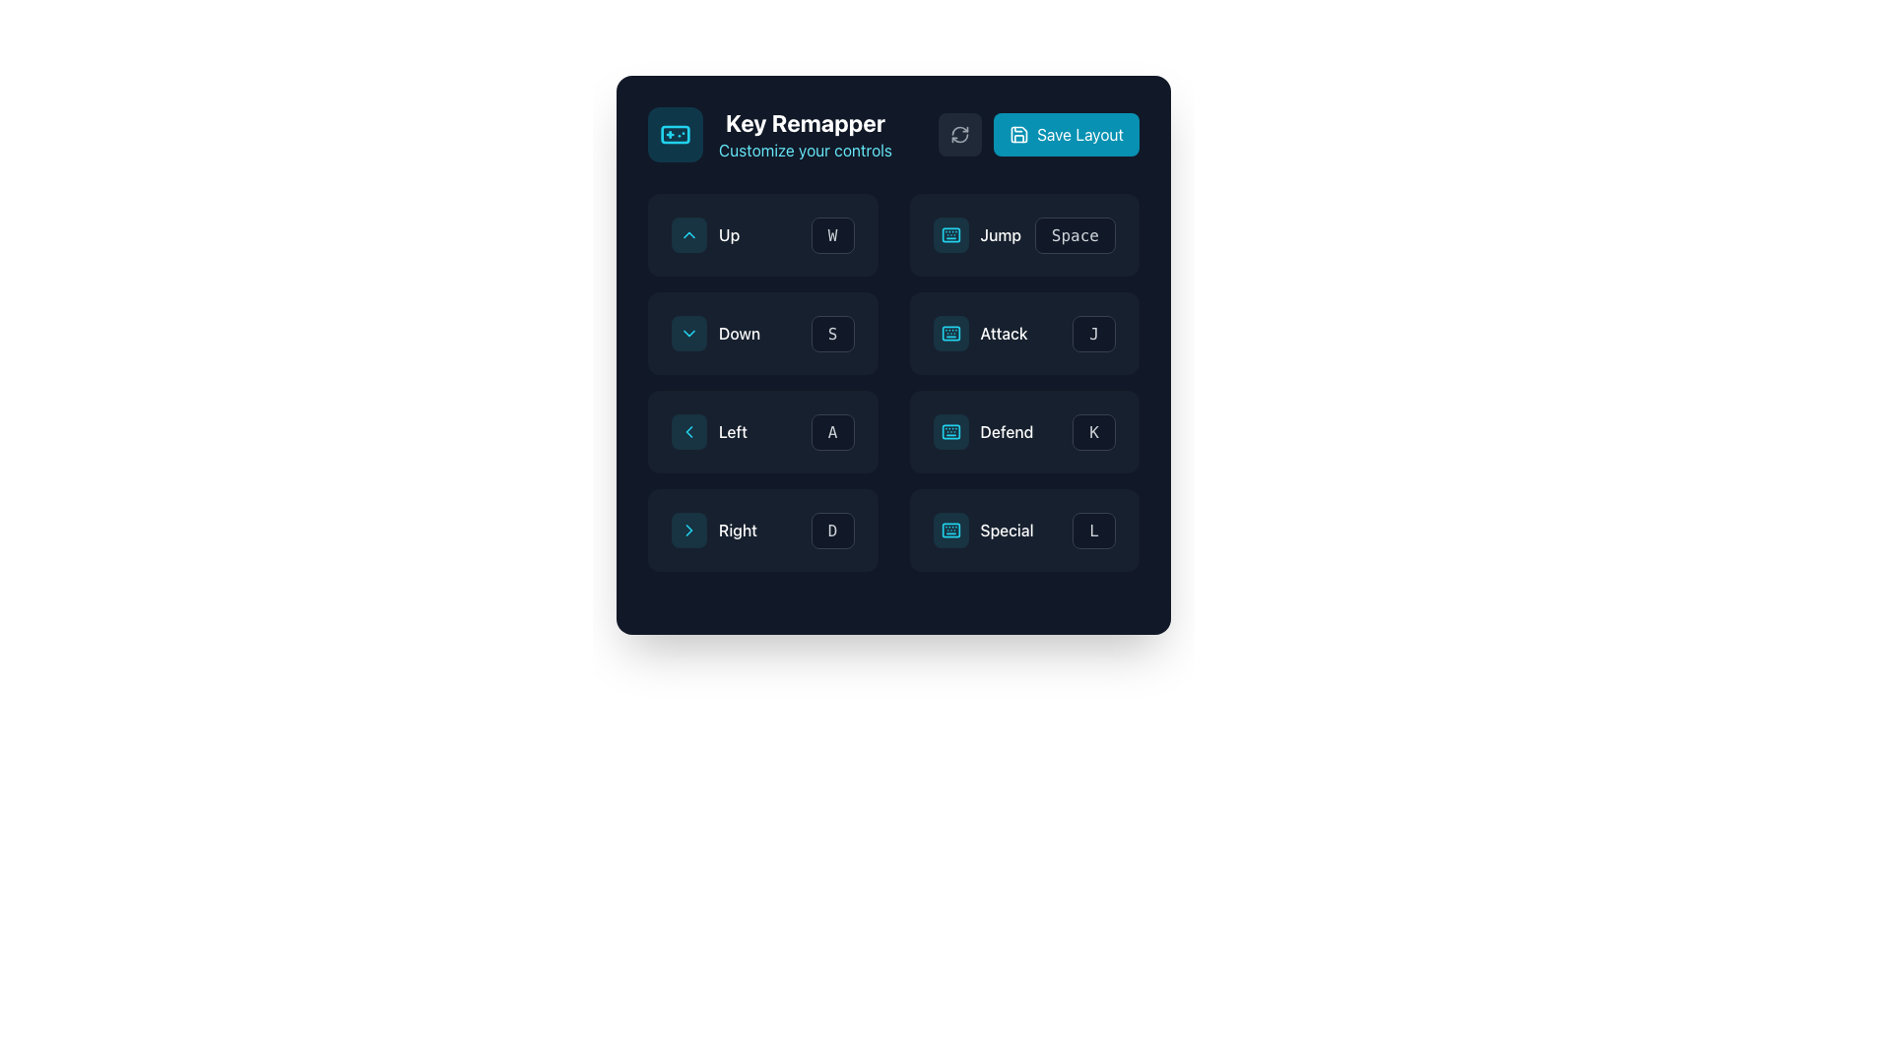 Image resolution: width=1891 pixels, height=1063 pixels. What do you see at coordinates (1024, 333) in the screenshot?
I see `the 'Attack' control mapping button which indicates the 'J' key is assigned to this action, located in the center-right portion of the interface` at bounding box center [1024, 333].